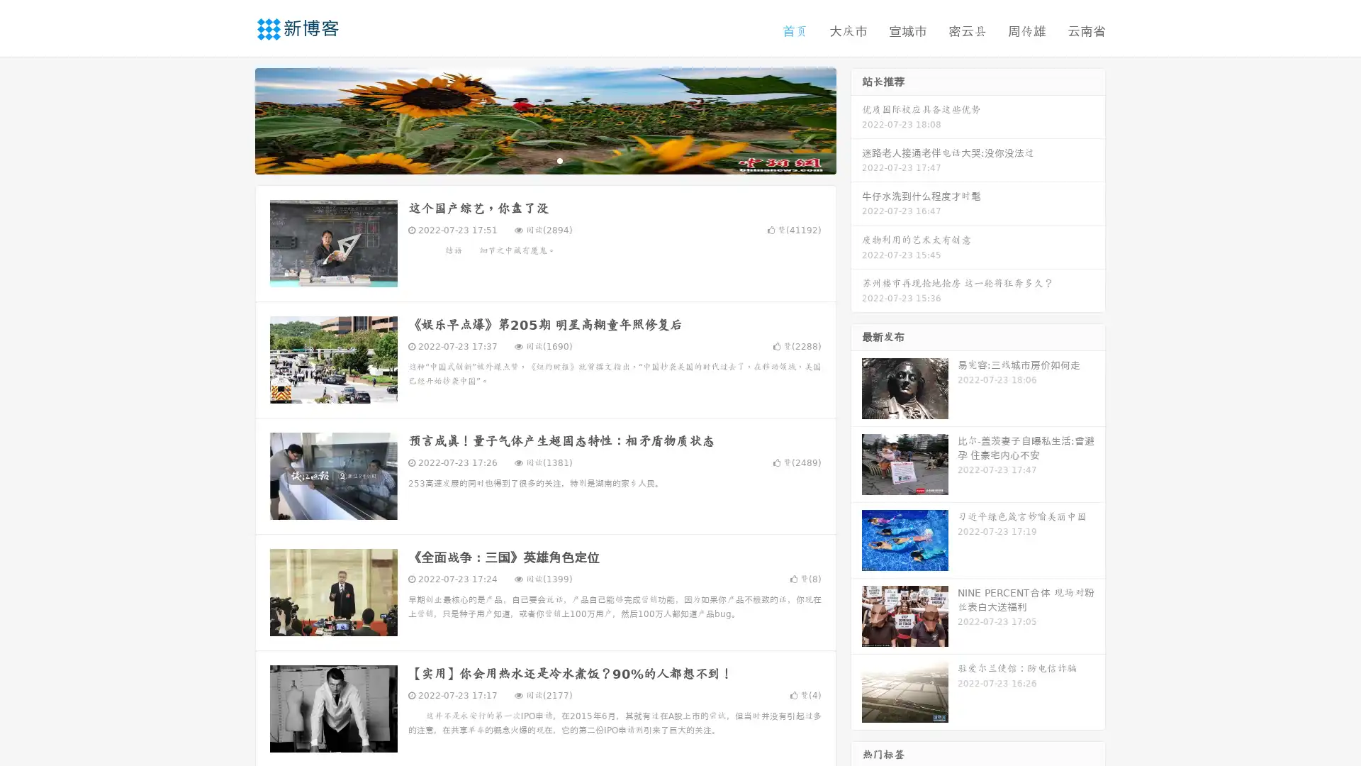 The width and height of the screenshot is (1361, 766). Describe the element at coordinates (234, 119) in the screenshot. I see `Previous slide` at that location.